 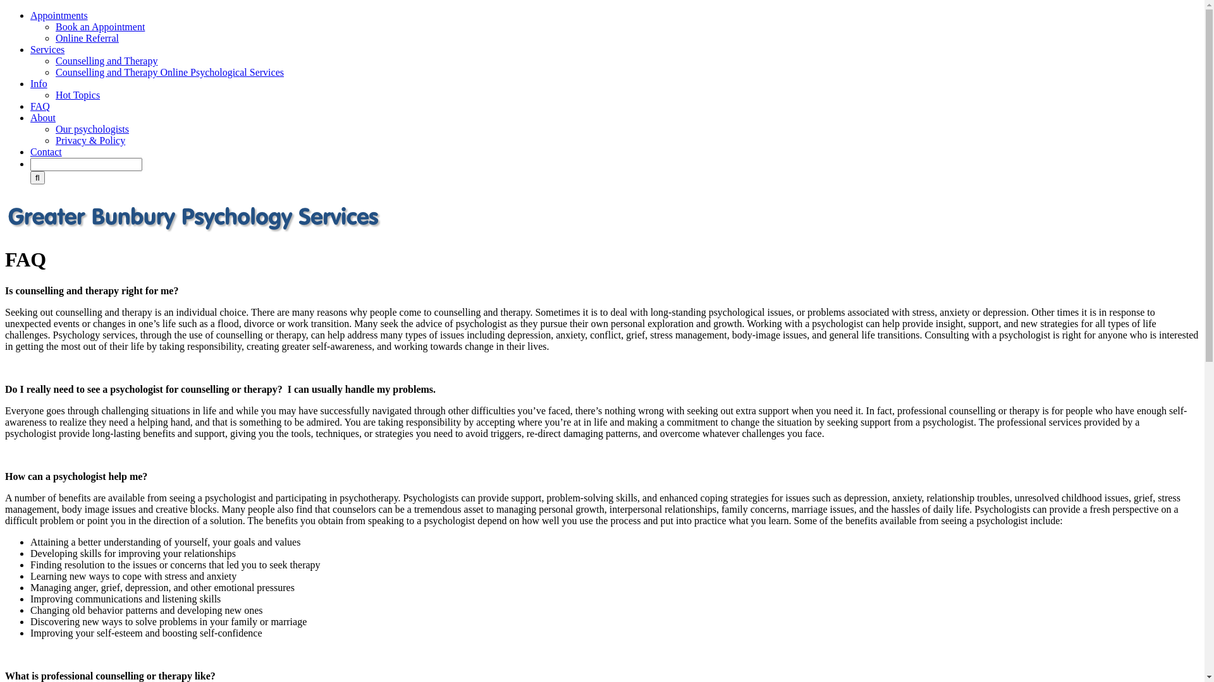 I want to click on 'Info', so click(x=39, y=83).